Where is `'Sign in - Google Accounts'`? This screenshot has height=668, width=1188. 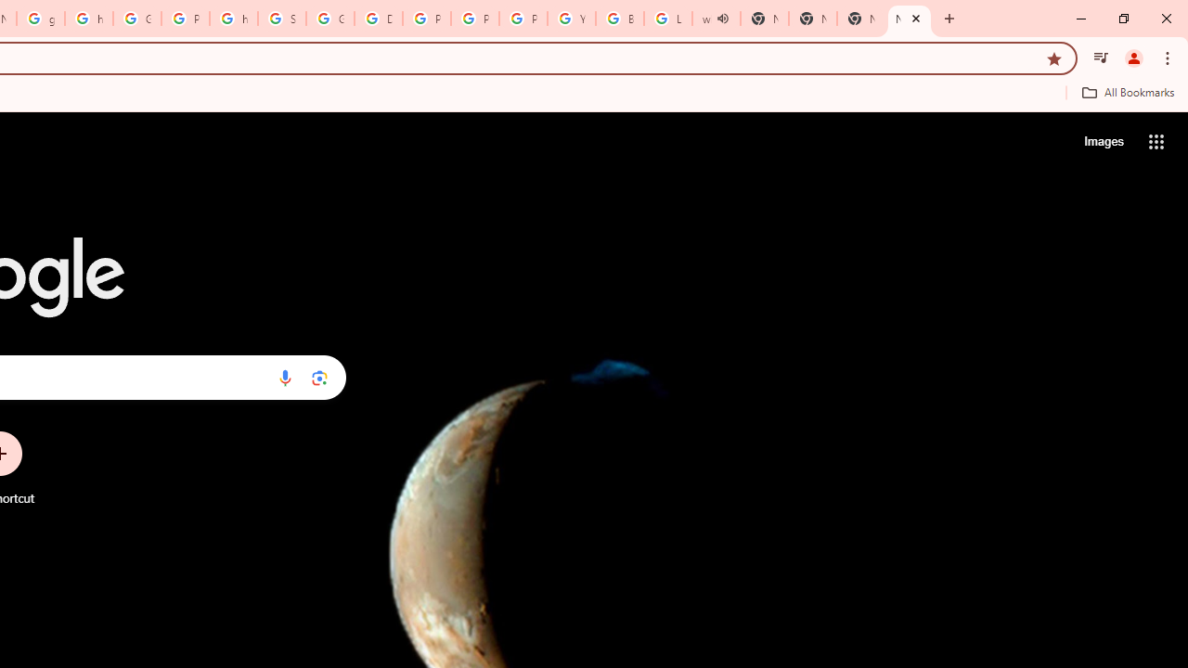
'Sign in - Google Accounts' is located at coordinates (281, 19).